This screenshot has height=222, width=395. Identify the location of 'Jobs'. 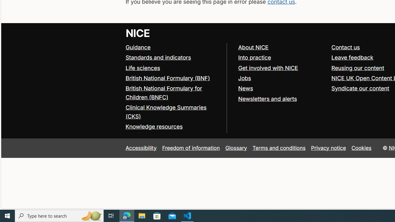
(281, 78).